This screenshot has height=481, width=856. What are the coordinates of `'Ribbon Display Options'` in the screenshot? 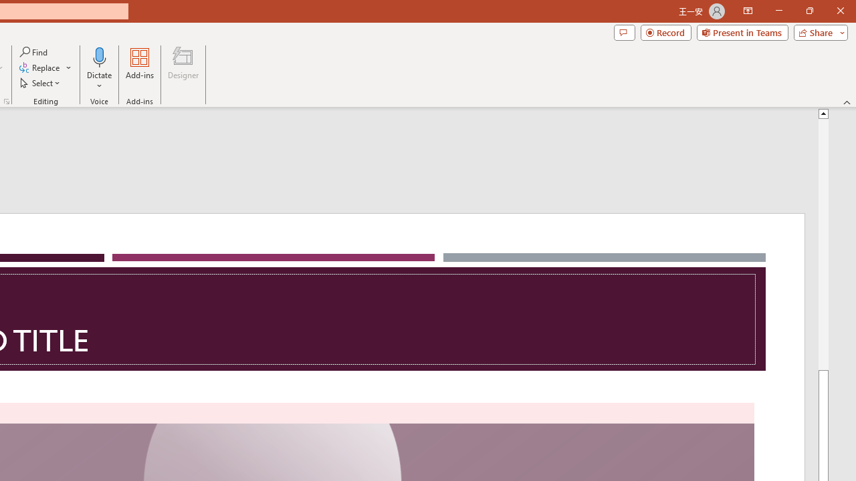 It's located at (747, 11).